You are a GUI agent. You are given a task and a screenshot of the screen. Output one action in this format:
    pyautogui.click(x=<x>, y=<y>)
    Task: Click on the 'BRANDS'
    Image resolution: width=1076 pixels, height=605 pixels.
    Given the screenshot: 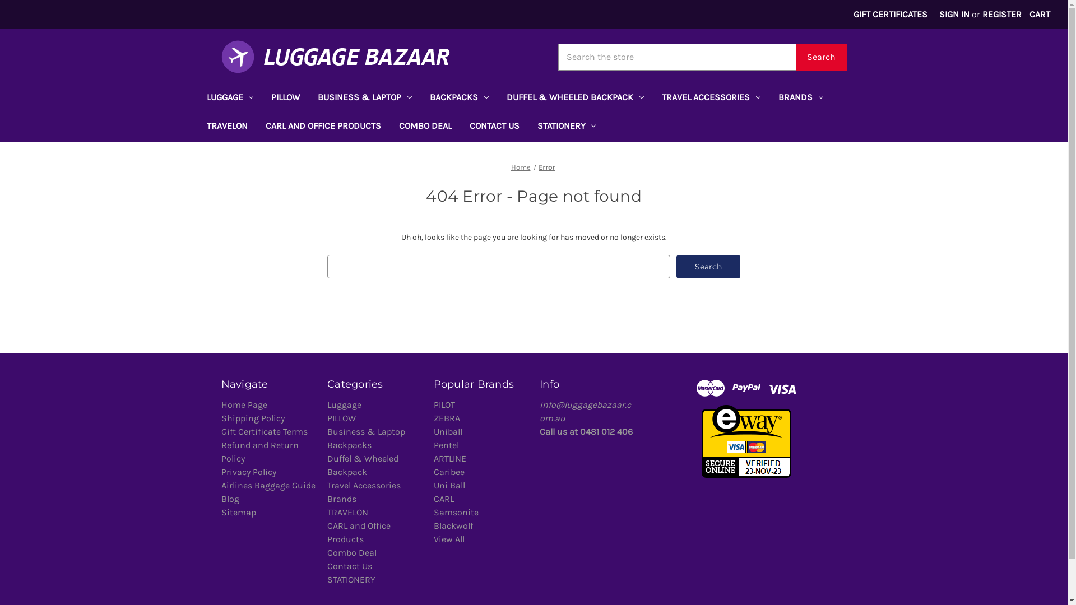 What is the action you would take?
    pyautogui.click(x=800, y=98)
    